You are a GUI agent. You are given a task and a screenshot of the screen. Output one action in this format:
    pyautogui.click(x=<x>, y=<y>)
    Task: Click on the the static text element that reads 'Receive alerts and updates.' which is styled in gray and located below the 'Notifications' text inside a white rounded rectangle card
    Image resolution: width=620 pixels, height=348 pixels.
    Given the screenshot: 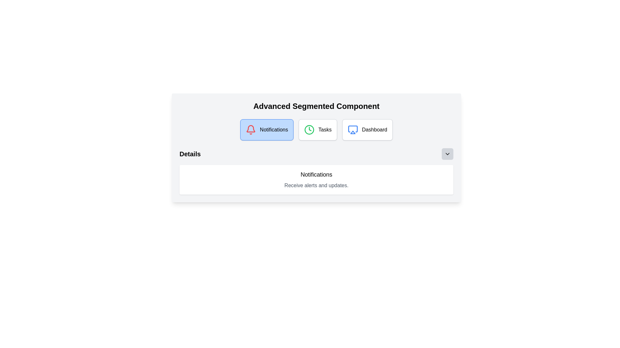 What is the action you would take?
    pyautogui.click(x=316, y=185)
    